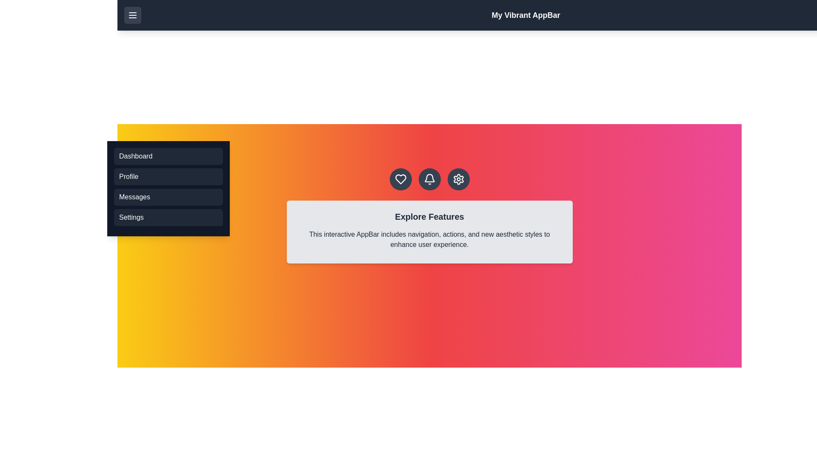  I want to click on the menu option Profile from the menu list, so click(168, 176).